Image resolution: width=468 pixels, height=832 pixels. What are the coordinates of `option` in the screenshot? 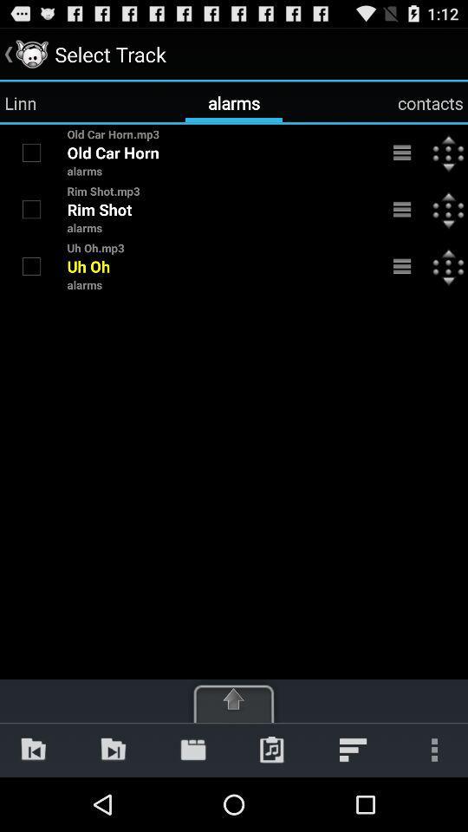 It's located at (31, 266).